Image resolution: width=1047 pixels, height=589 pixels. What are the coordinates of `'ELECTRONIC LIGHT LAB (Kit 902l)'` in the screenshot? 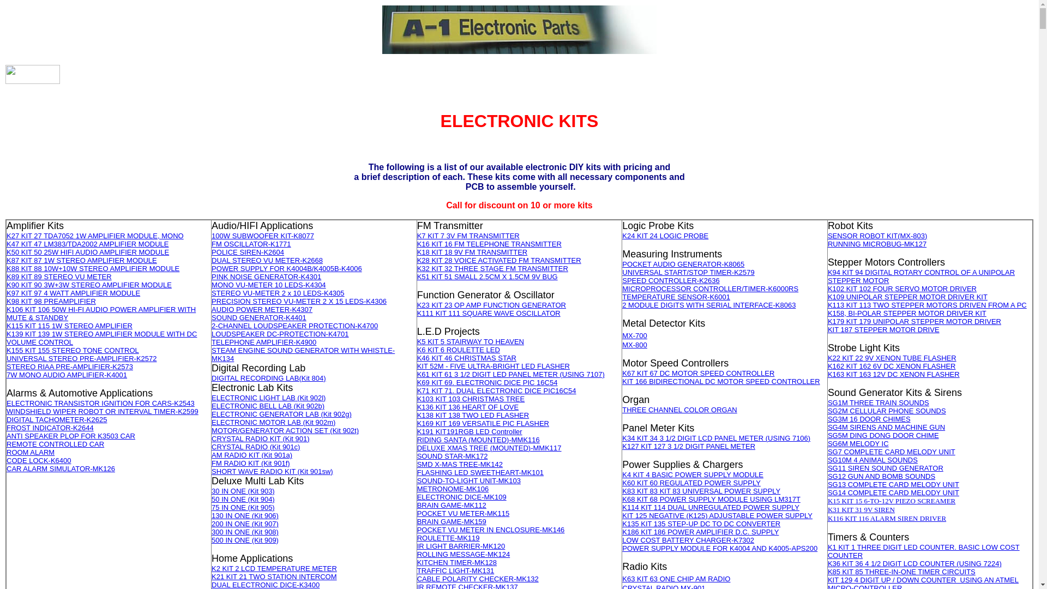 It's located at (268, 398).